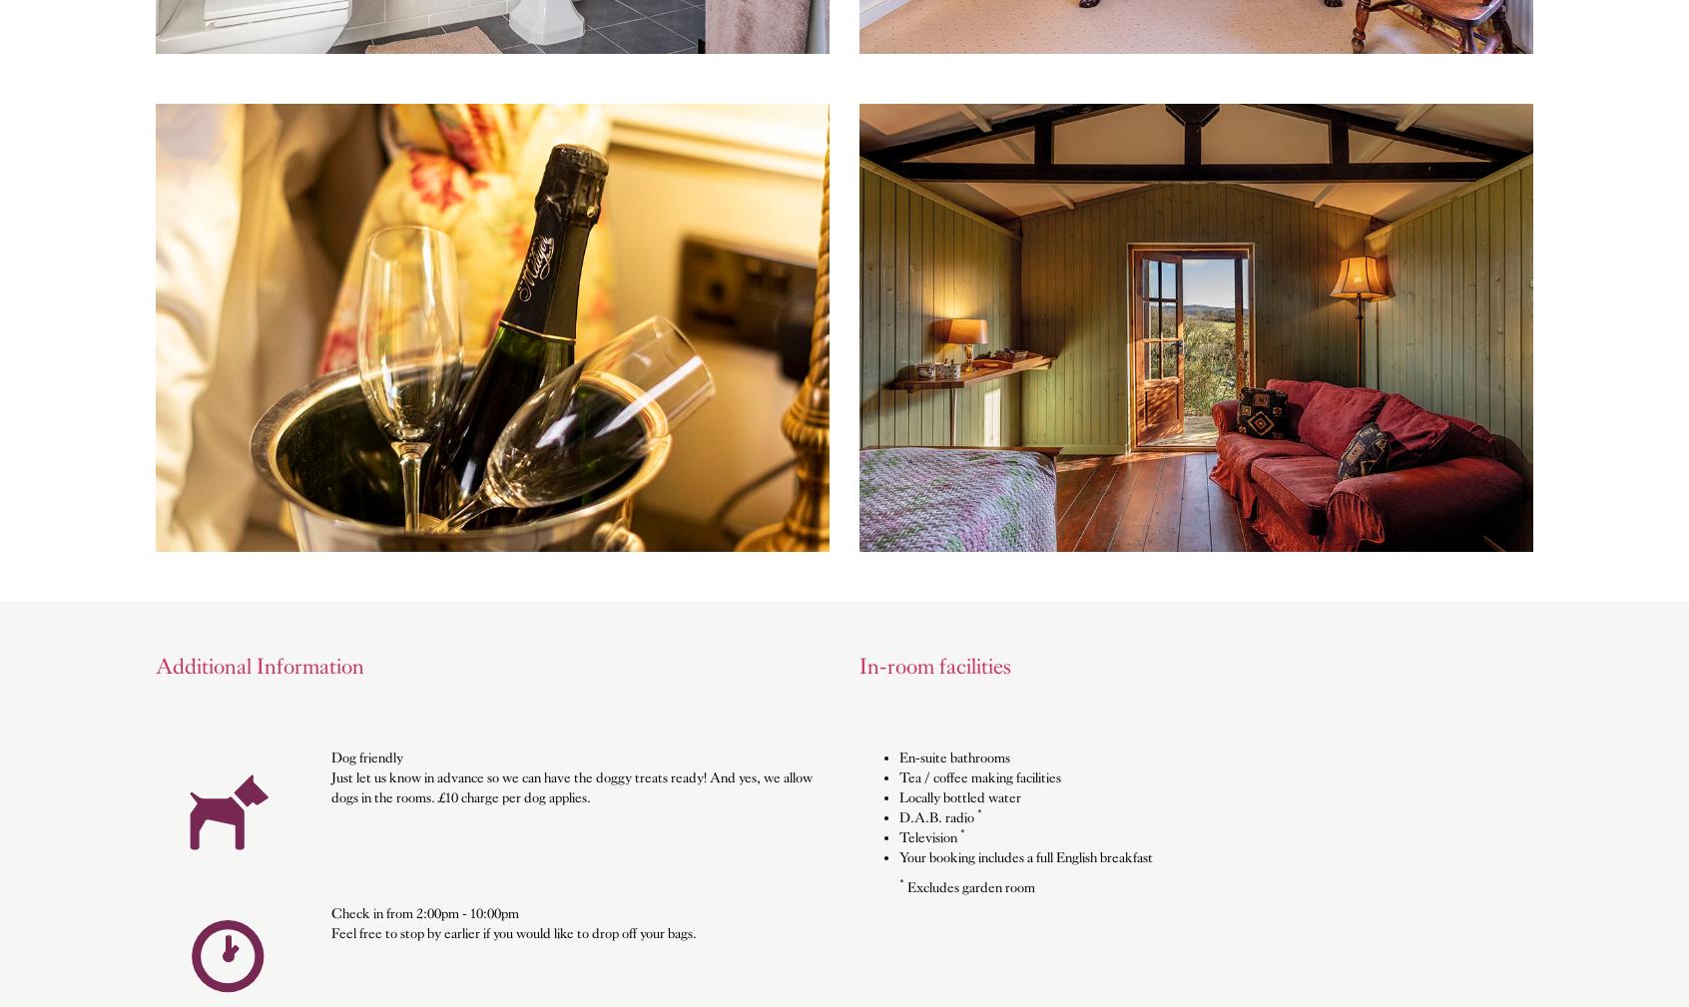  What do you see at coordinates (979, 776) in the screenshot?
I see `'Tea / coffee making facilities'` at bounding box center [979, 776].